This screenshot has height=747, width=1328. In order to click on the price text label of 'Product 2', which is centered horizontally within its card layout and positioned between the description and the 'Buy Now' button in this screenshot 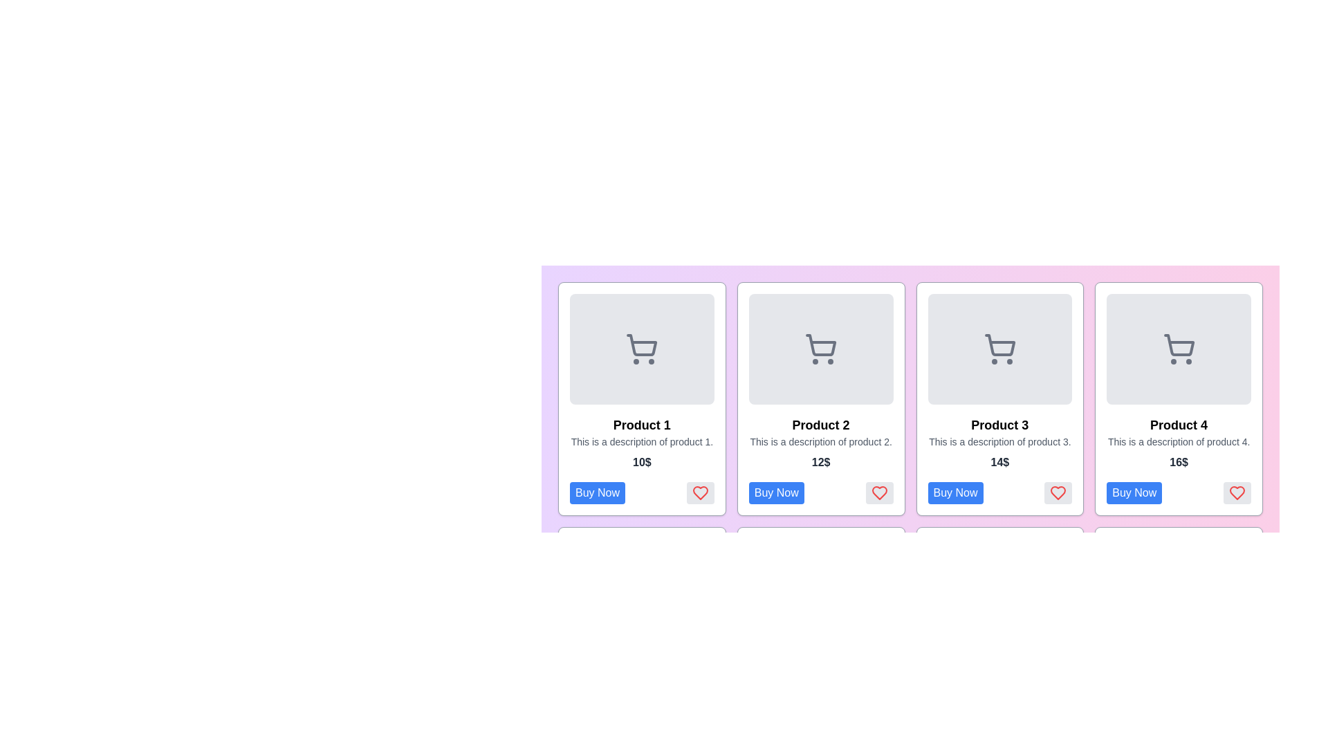, I will do `click(821, 462)`.